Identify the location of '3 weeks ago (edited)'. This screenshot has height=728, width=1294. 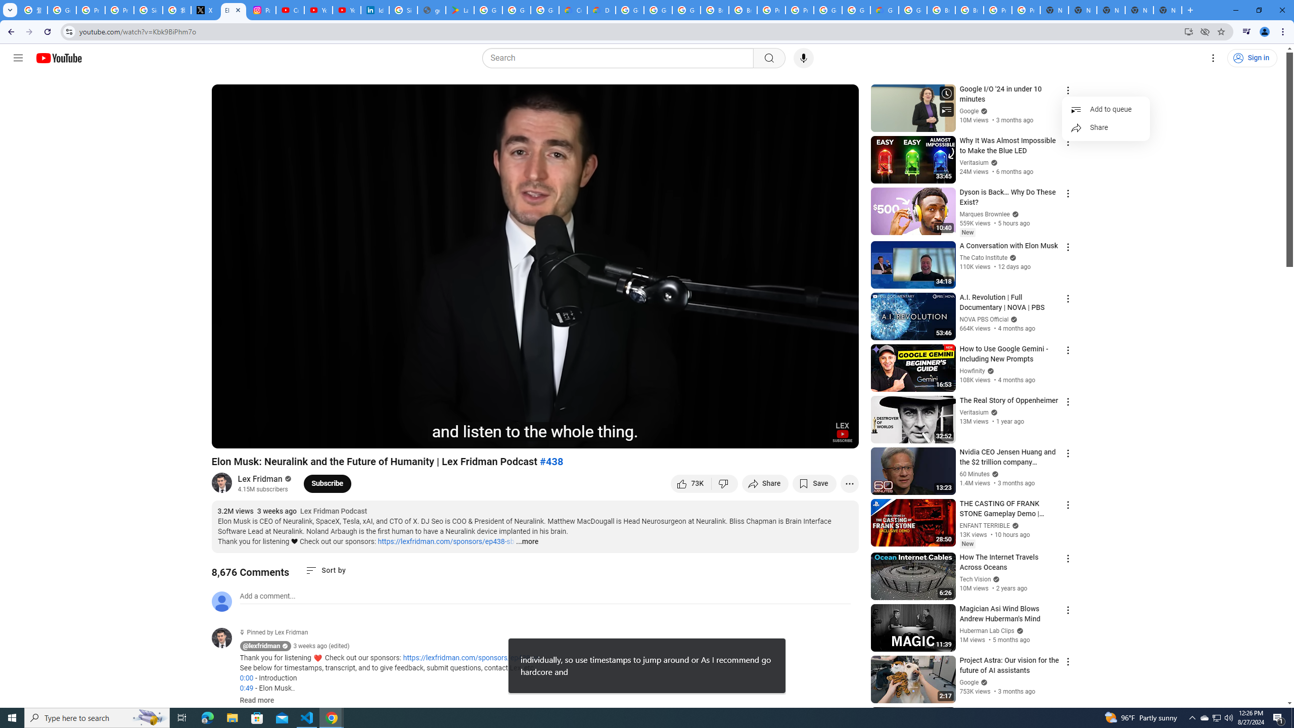
(321, 646).